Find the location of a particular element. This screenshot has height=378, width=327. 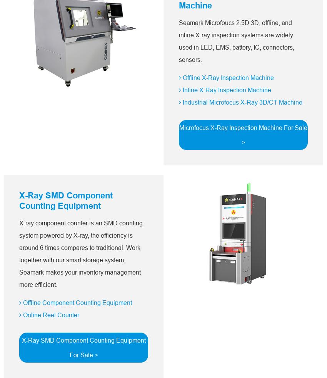

'Inline X-Ray Inspection Machine' is located at coordinates (226, 90).